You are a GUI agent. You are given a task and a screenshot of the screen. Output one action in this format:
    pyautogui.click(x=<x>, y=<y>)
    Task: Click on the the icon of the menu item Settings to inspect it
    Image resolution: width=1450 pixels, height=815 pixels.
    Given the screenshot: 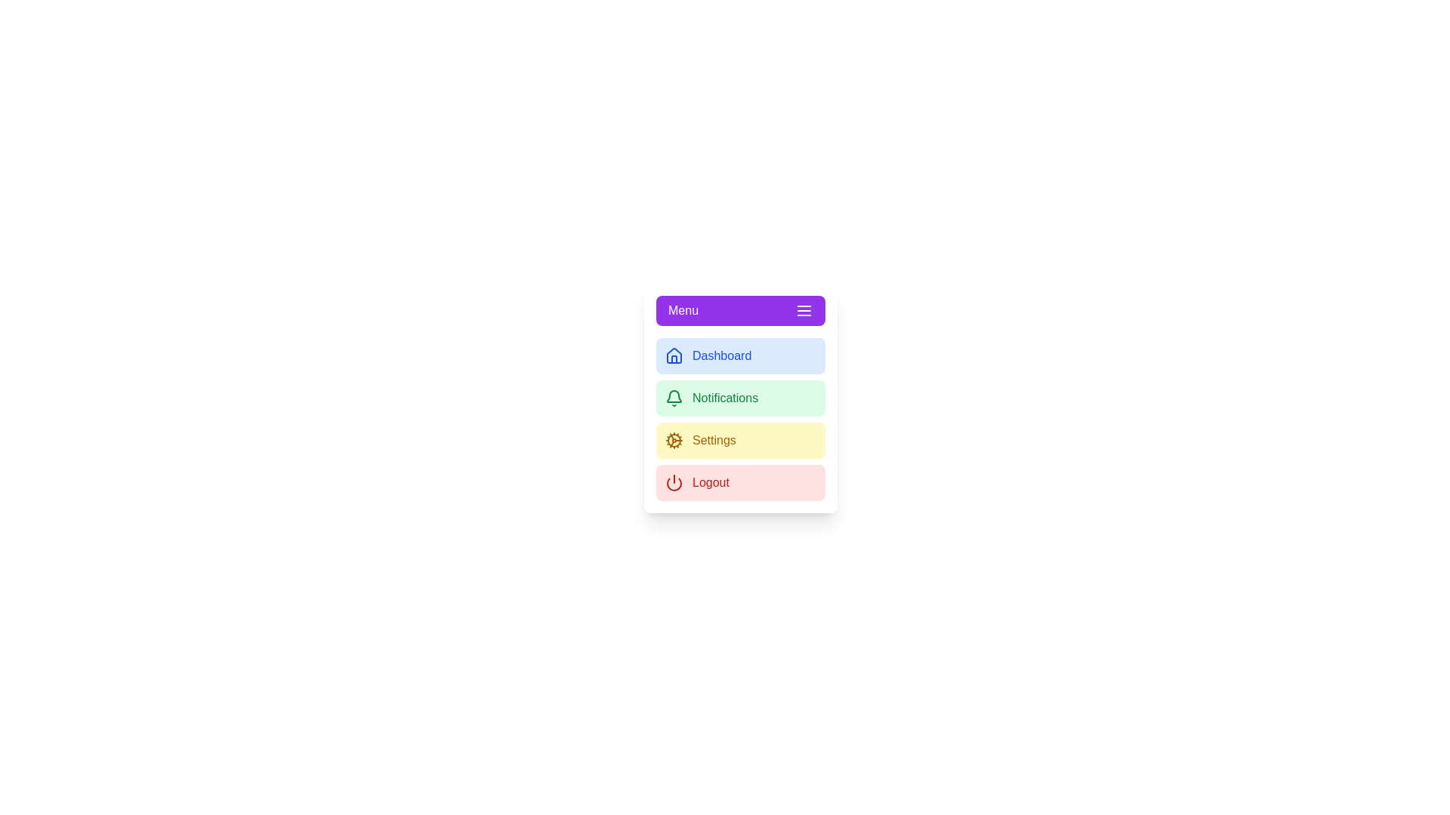 What is the action you would take?
    pyautogui.click(x=673, y=440)
    